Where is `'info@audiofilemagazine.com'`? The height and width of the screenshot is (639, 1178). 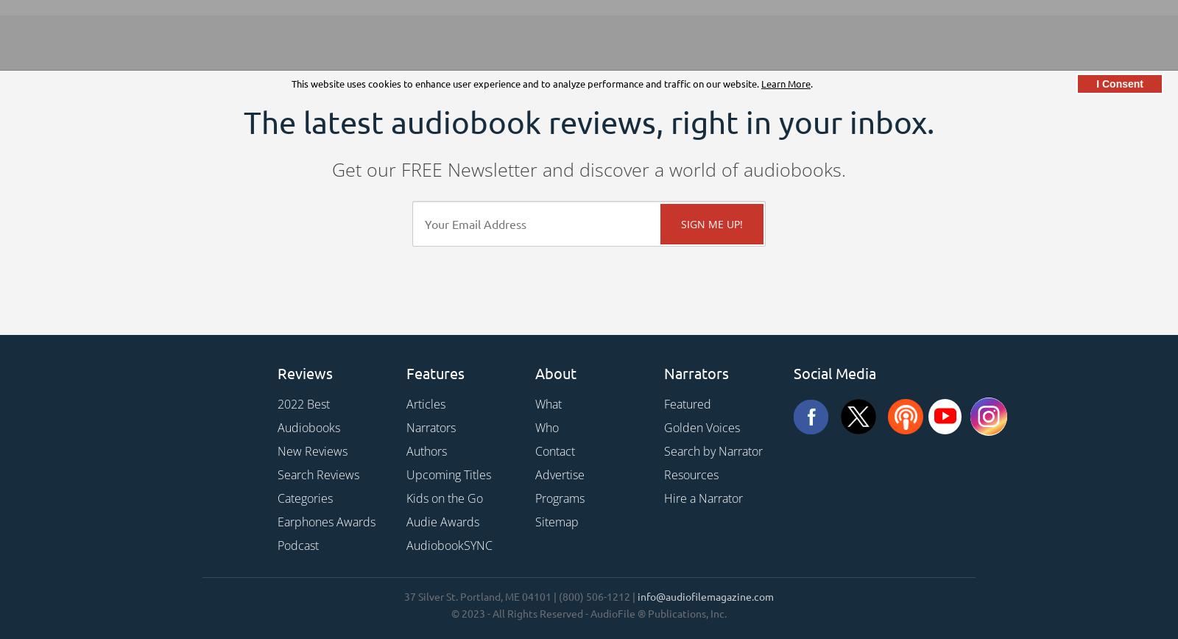
'info@audiofilemagazine.com' is located at coordinates (705, 596).